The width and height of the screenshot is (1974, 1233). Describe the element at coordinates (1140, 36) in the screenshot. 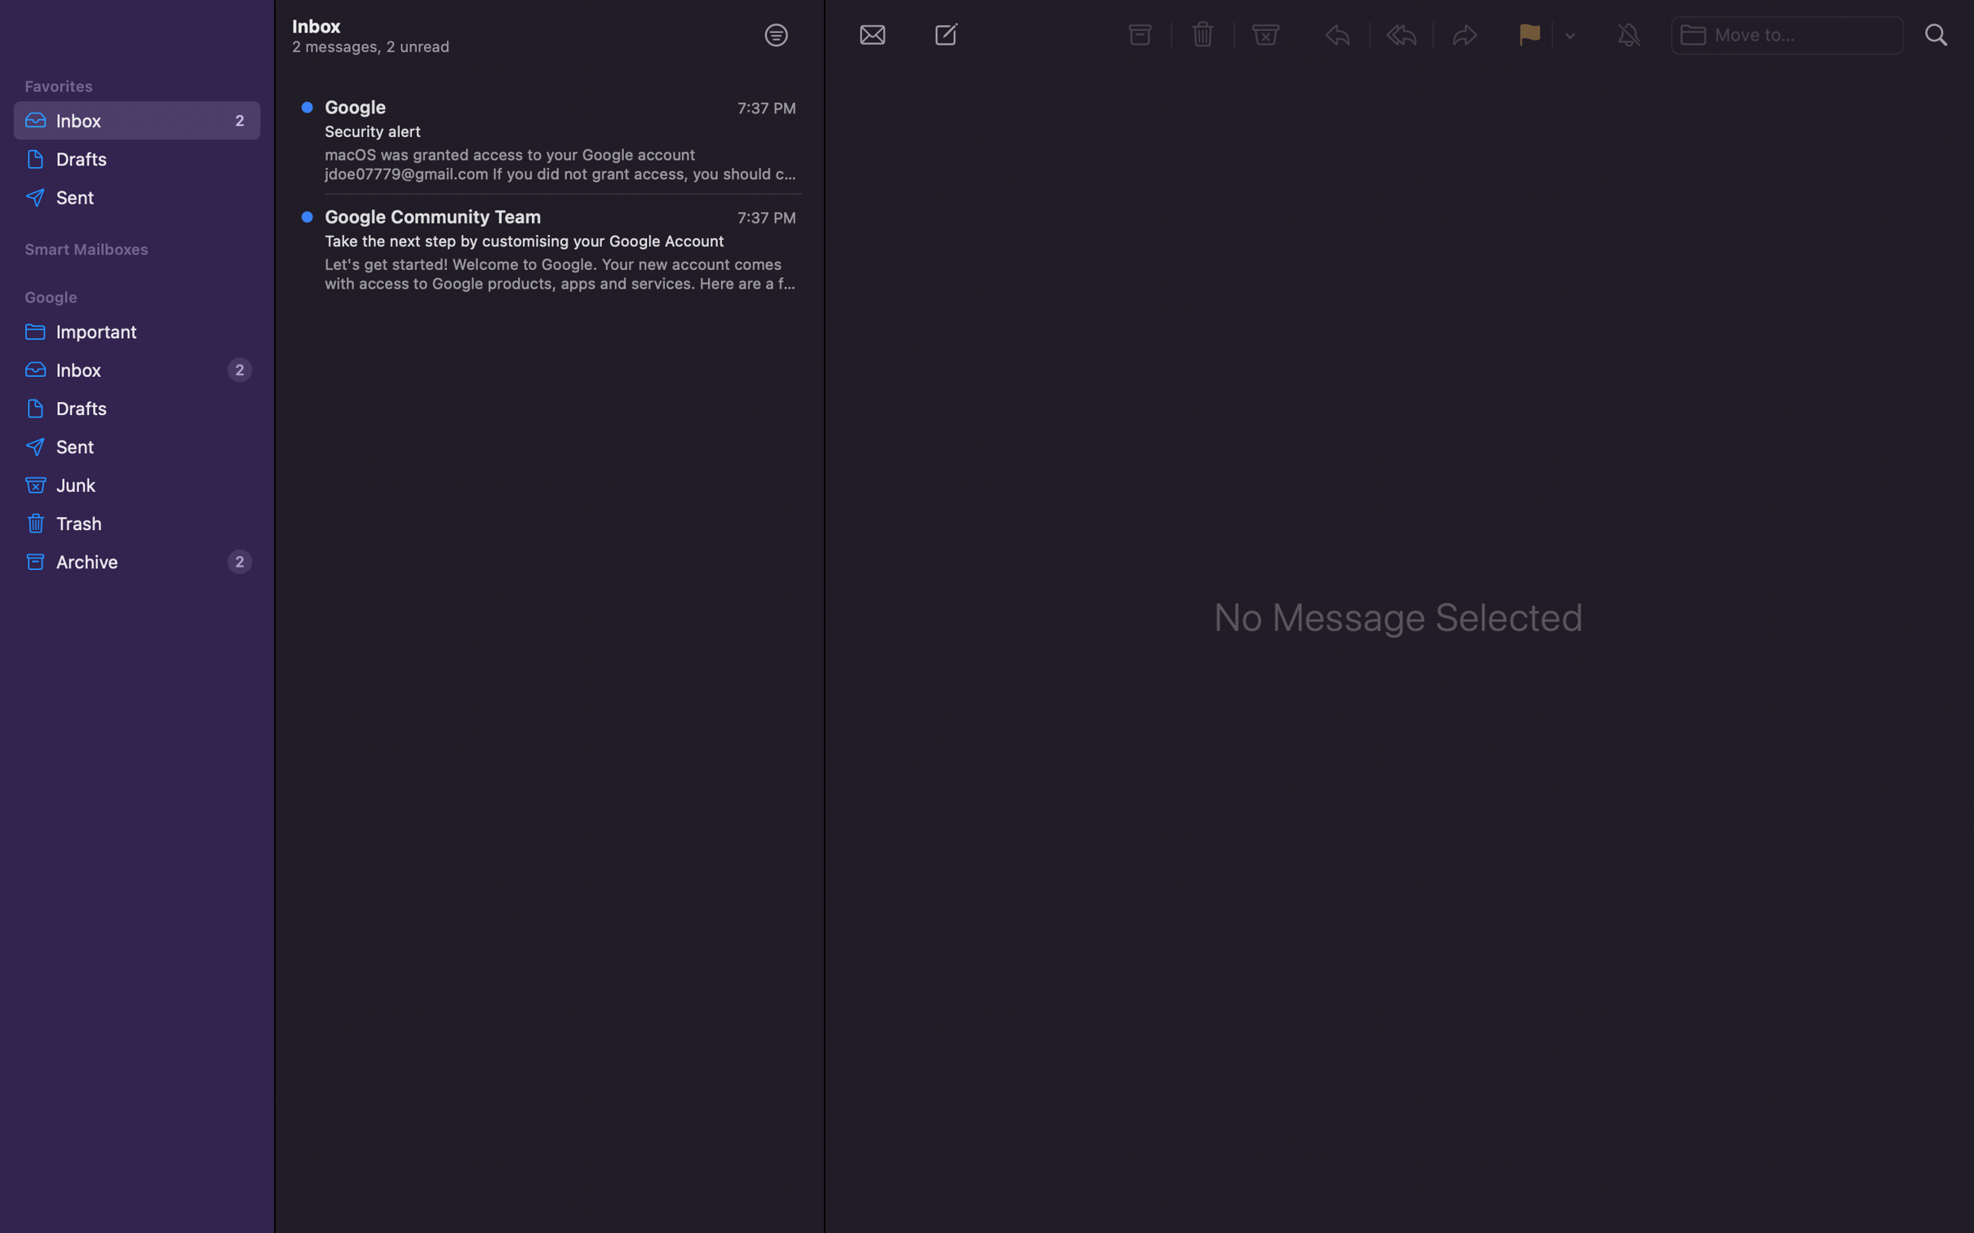

I see `and move messages to the archive` at that location.